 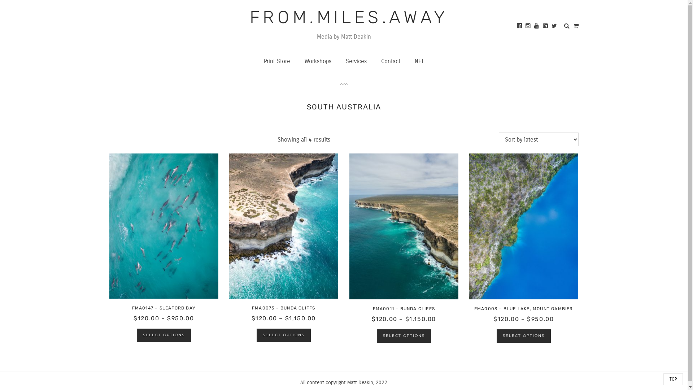 I want to click on 'NFT', so click(x=419, y=61).